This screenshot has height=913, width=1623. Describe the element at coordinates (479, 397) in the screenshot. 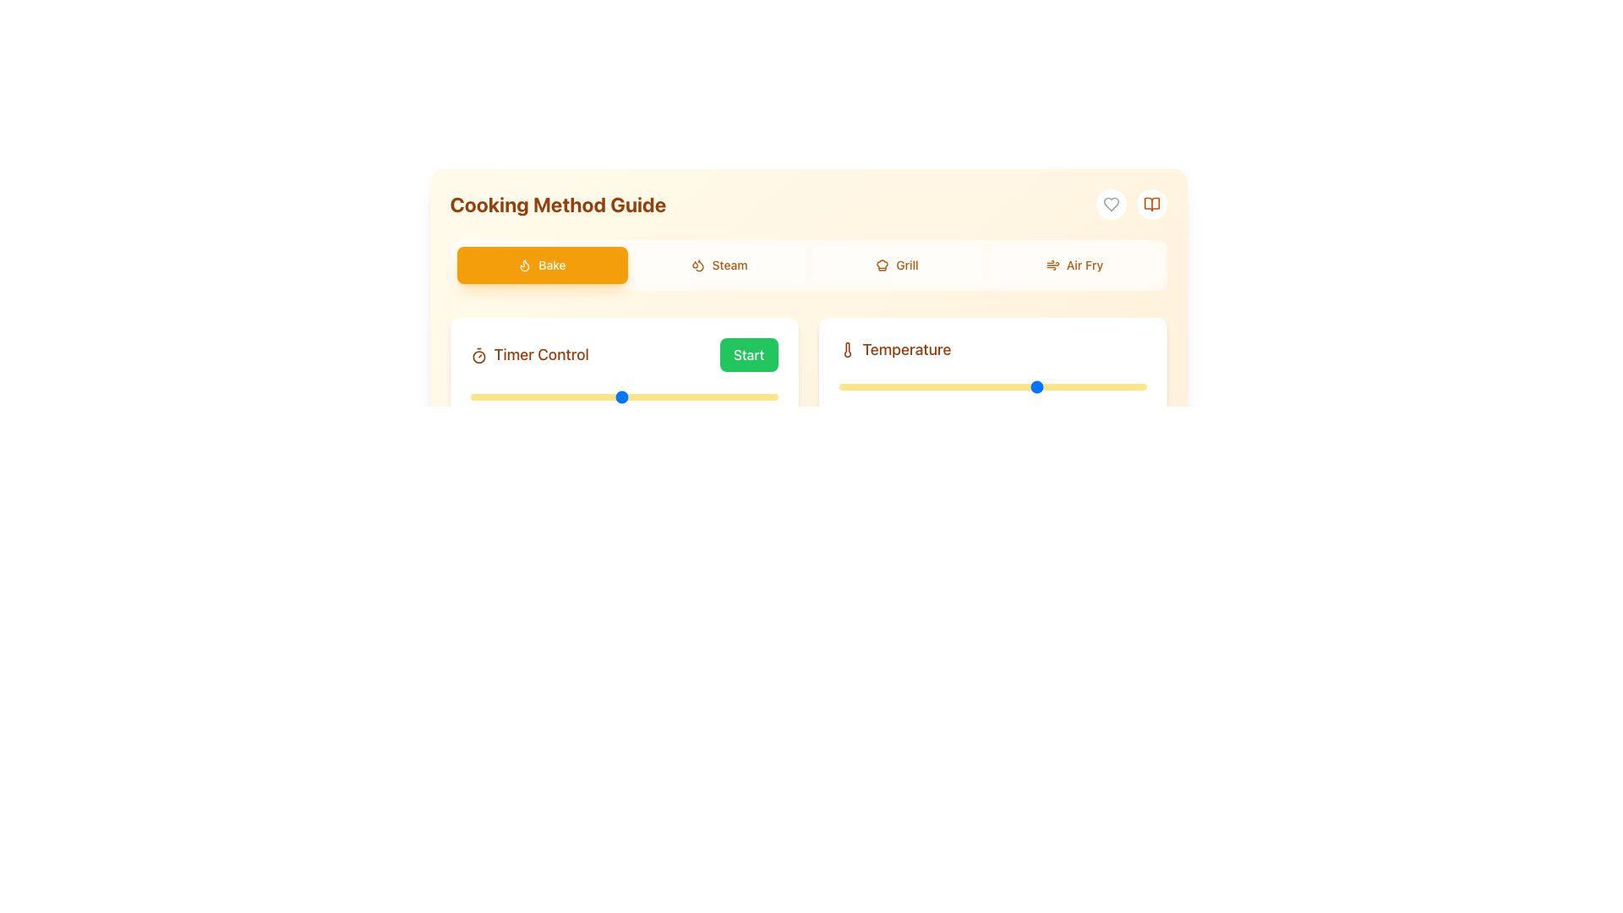

I see `the timer slider` at that location.